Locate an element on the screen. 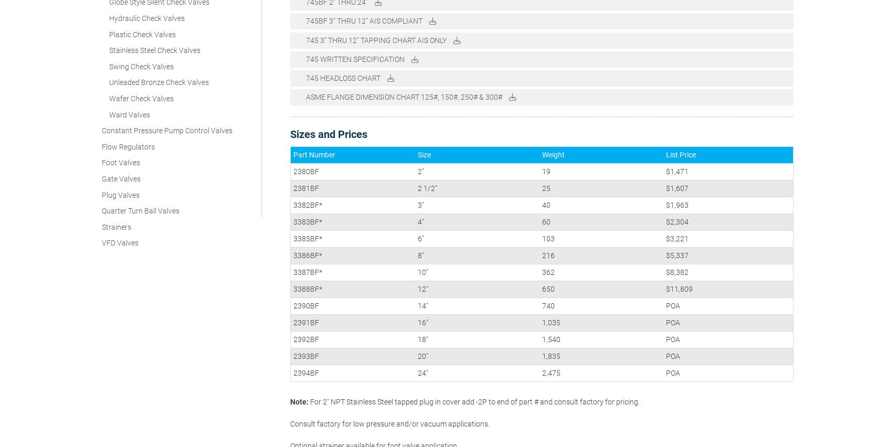  'Constant Pressure Pump Control Valves' is located at coordinates (158, 422).